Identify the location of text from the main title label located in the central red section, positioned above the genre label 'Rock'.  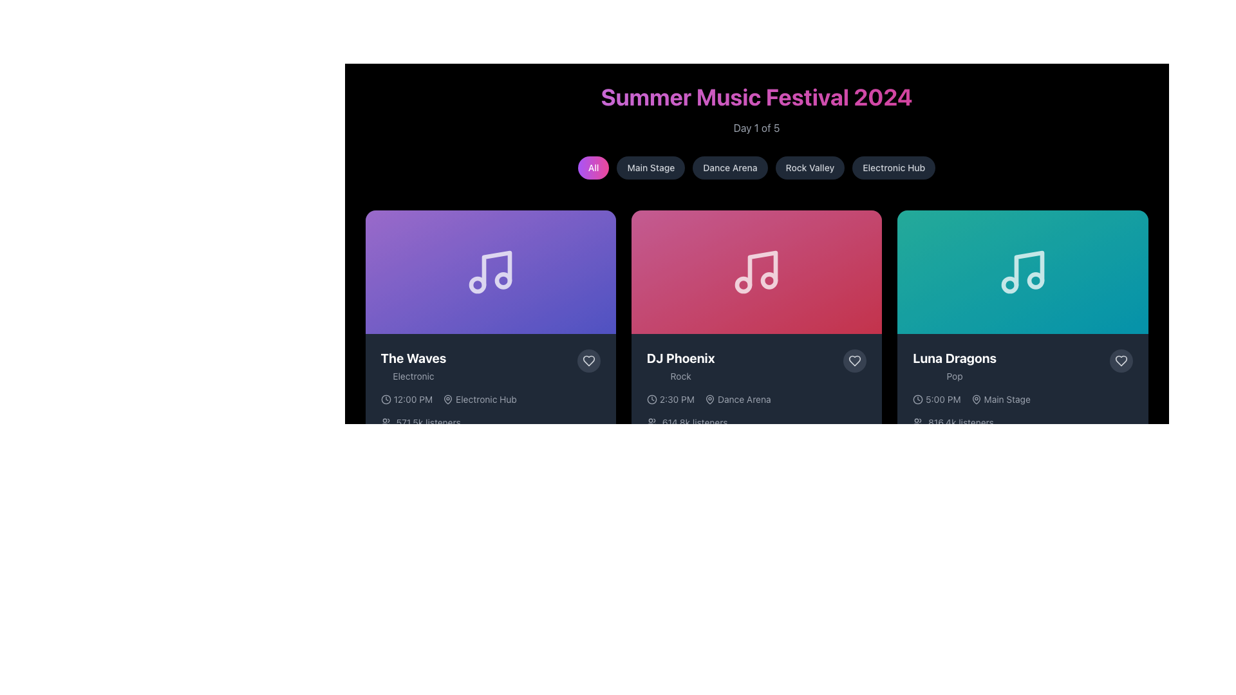
(680, 358).